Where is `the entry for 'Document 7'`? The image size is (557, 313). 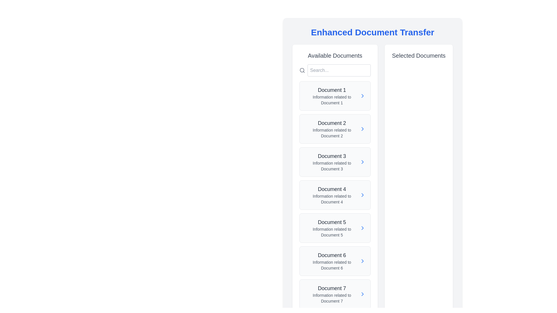
the entry for 'Document 7' is located at coordinates (332, 294).